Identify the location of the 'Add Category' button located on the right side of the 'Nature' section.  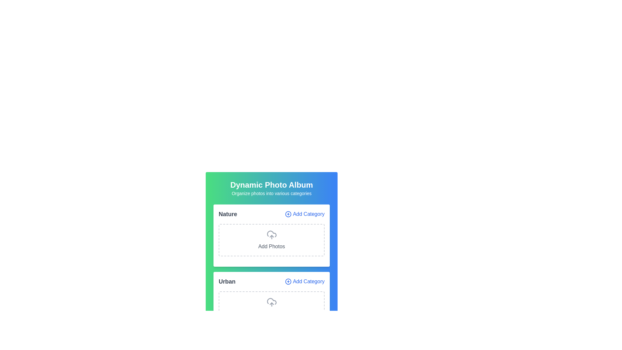
(304, 214).